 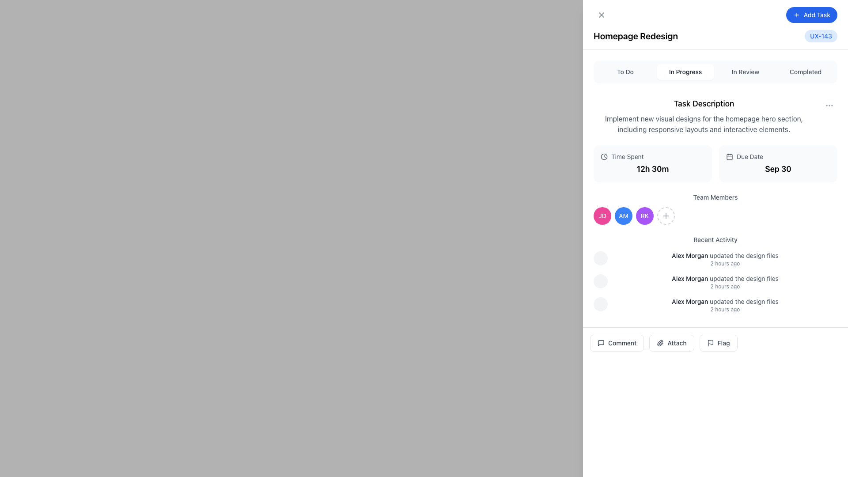 I want to click on the text label that provides information about an activity event by Alex Morgan regarding updates to design files, located in the 'Recent Activity' section, so click(x=725, y=301).